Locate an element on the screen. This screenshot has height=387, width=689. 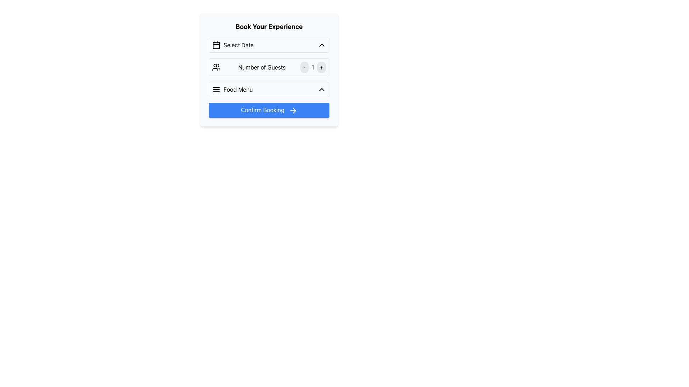
the minimalist line design vector icon representing a group of people, located to the left of the 'Number of Guests' text is located at coordinates (216, 67).